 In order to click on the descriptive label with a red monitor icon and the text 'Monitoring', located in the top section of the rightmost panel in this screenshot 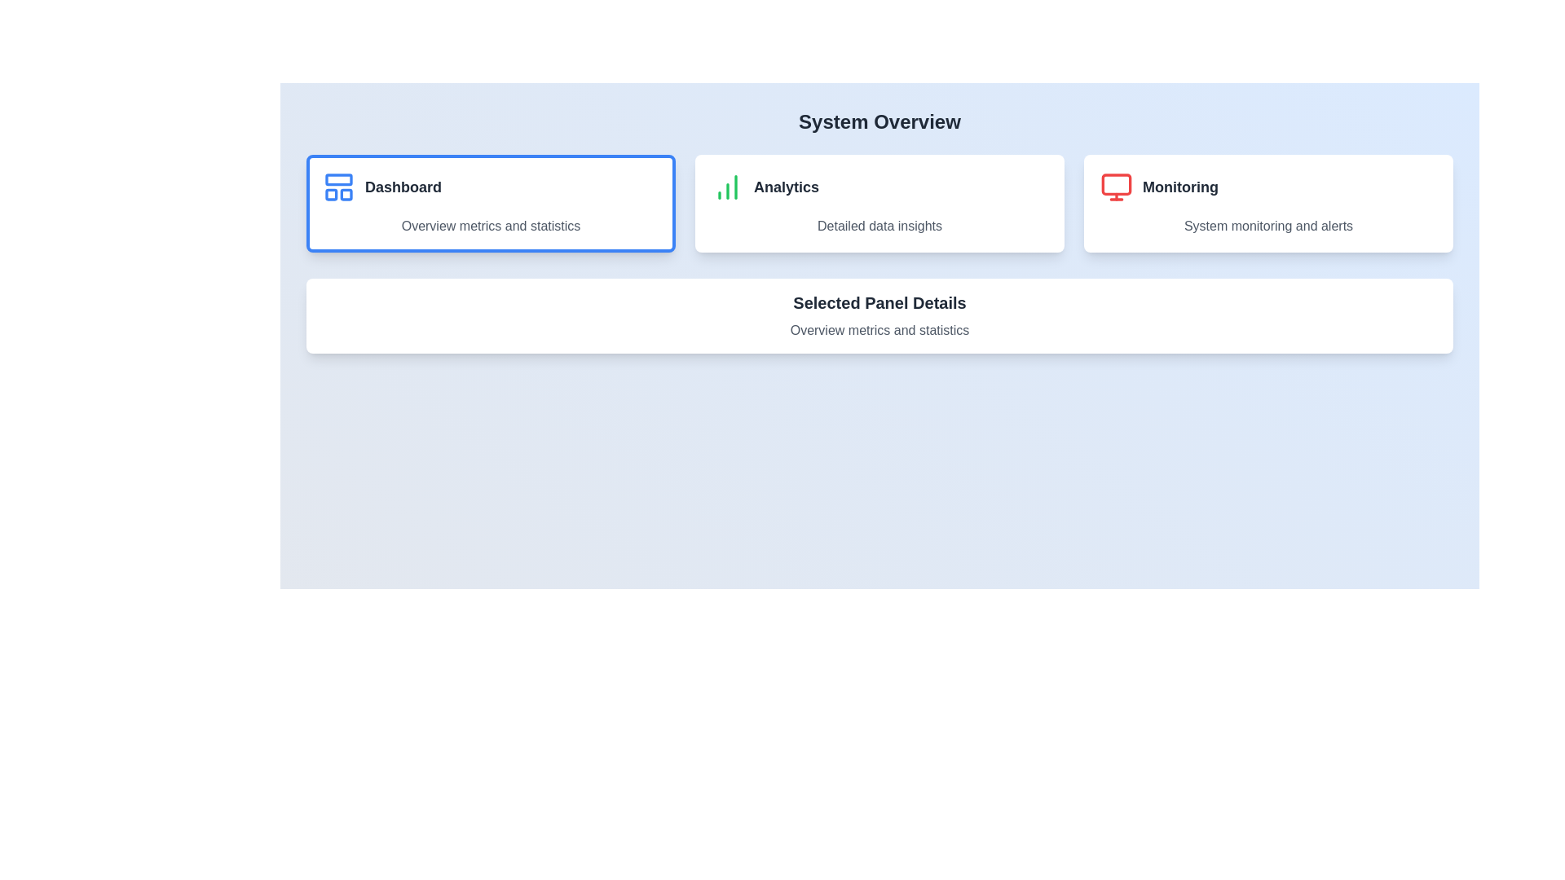, I will do `click(1267, 187)`.